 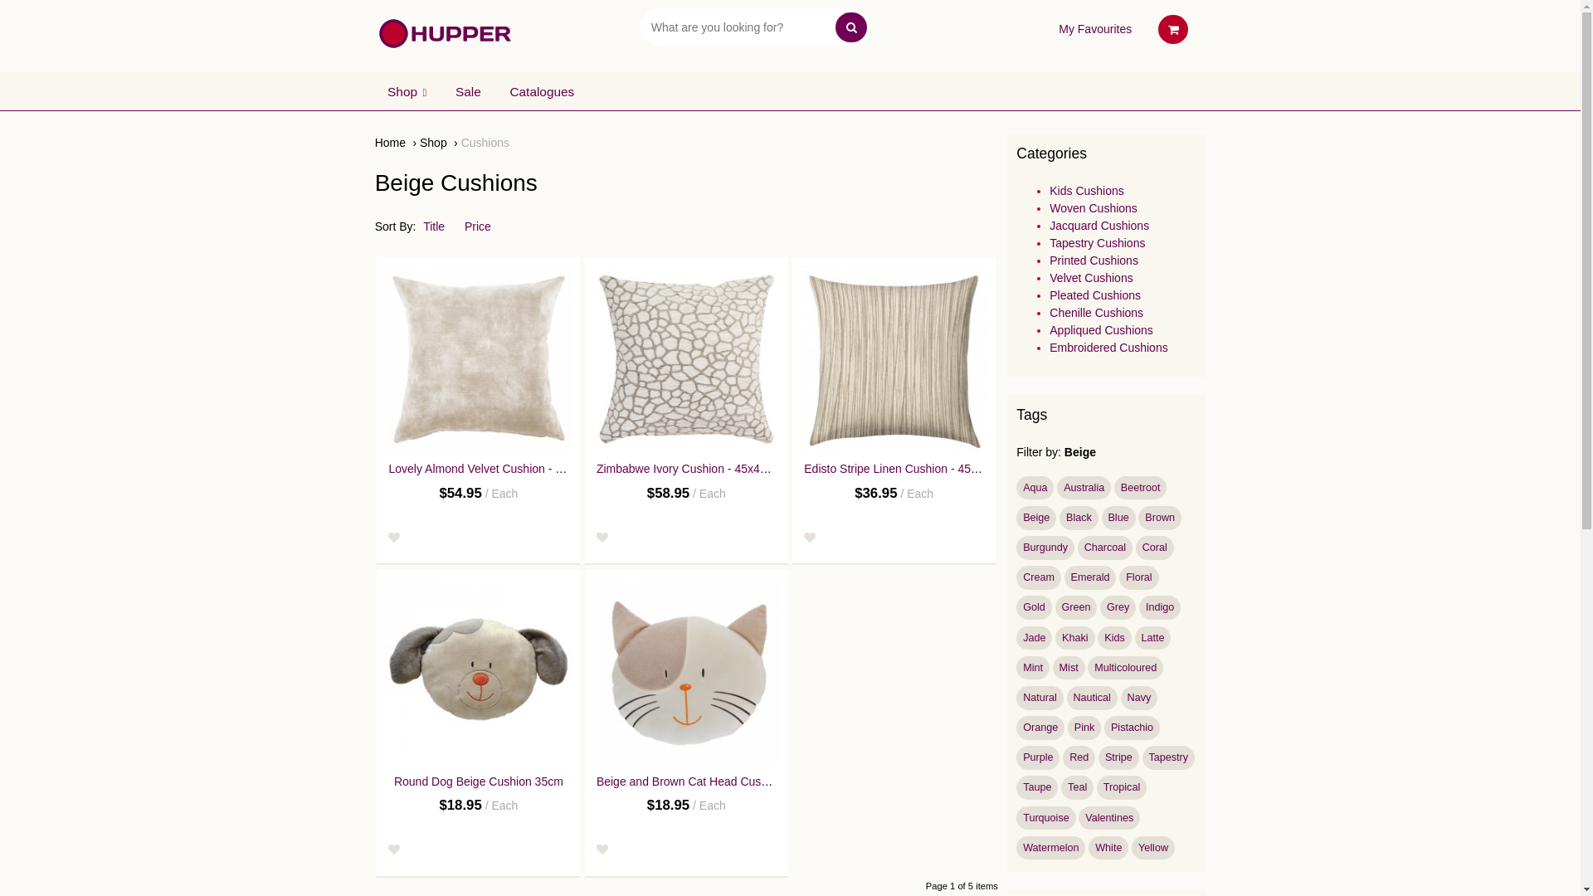 What do you see at coordinates (1037, 757) in the screenshot?
I see `'Purple'` at bounding box center [1037, 757].